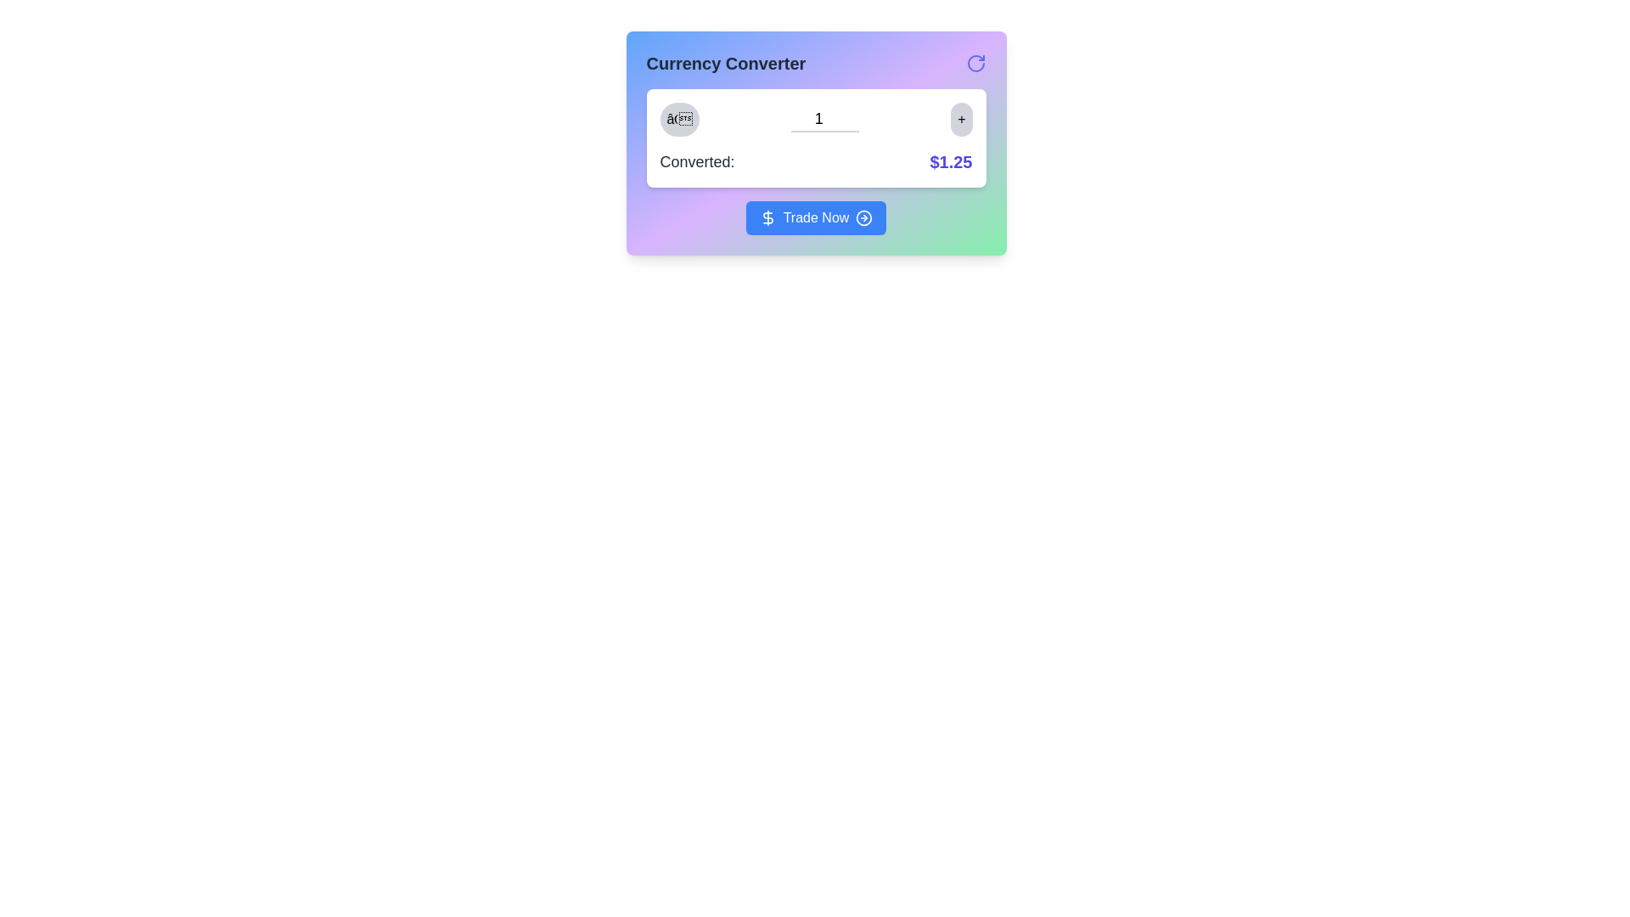 Image resolution: width=1630 pixels, height=917 pixels. I want to click on the Label or Title Text located at the top-left section of the card, which serves as the header for the card content, so click(726, 62).